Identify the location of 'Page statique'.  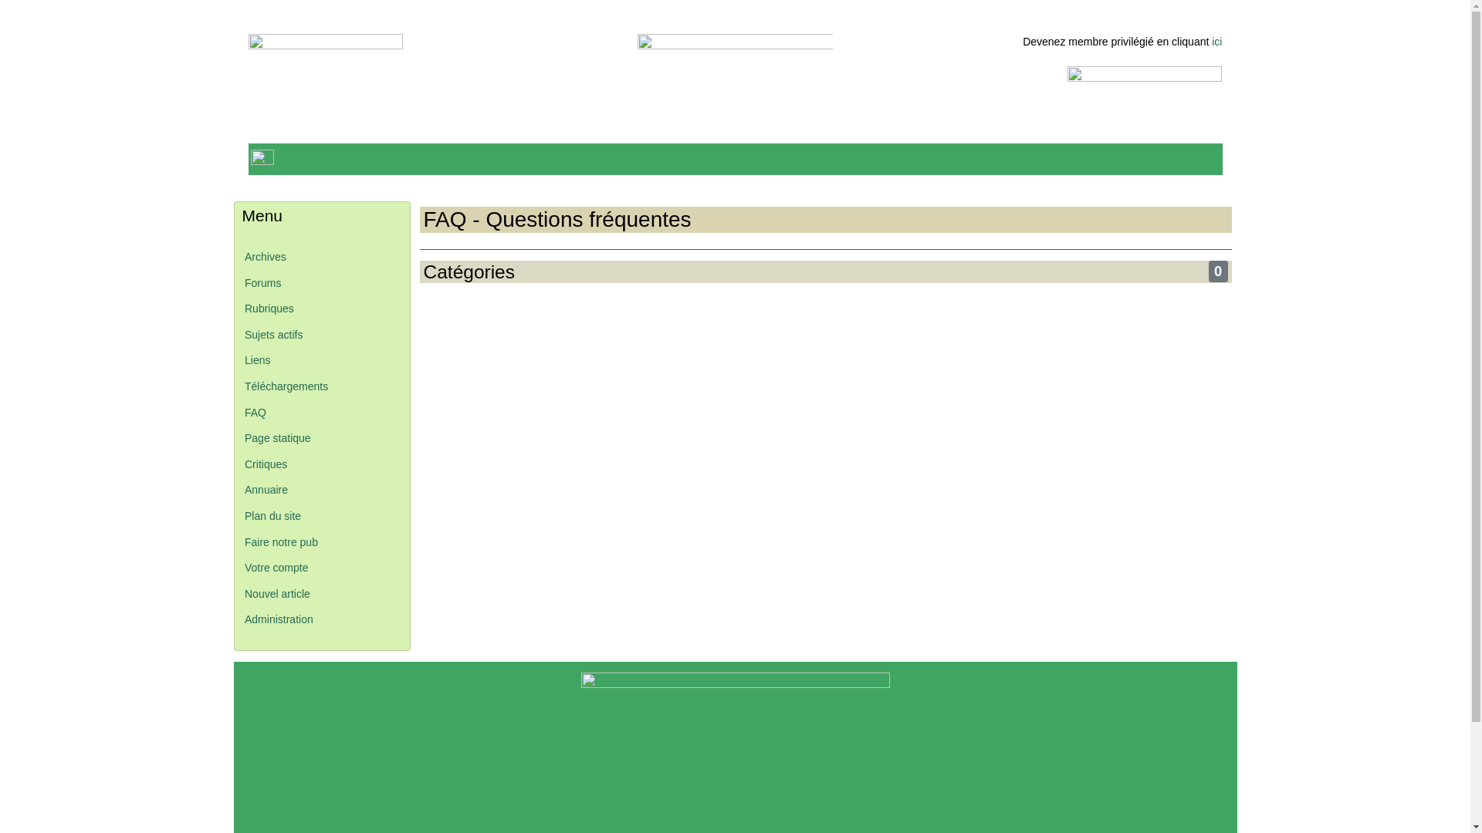
(243, 437).